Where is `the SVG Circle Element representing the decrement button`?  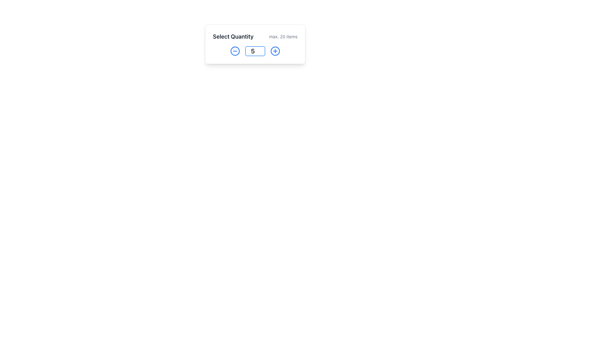
the SVG Circle Element representing the decrement button is located at coordinates (235, 51).